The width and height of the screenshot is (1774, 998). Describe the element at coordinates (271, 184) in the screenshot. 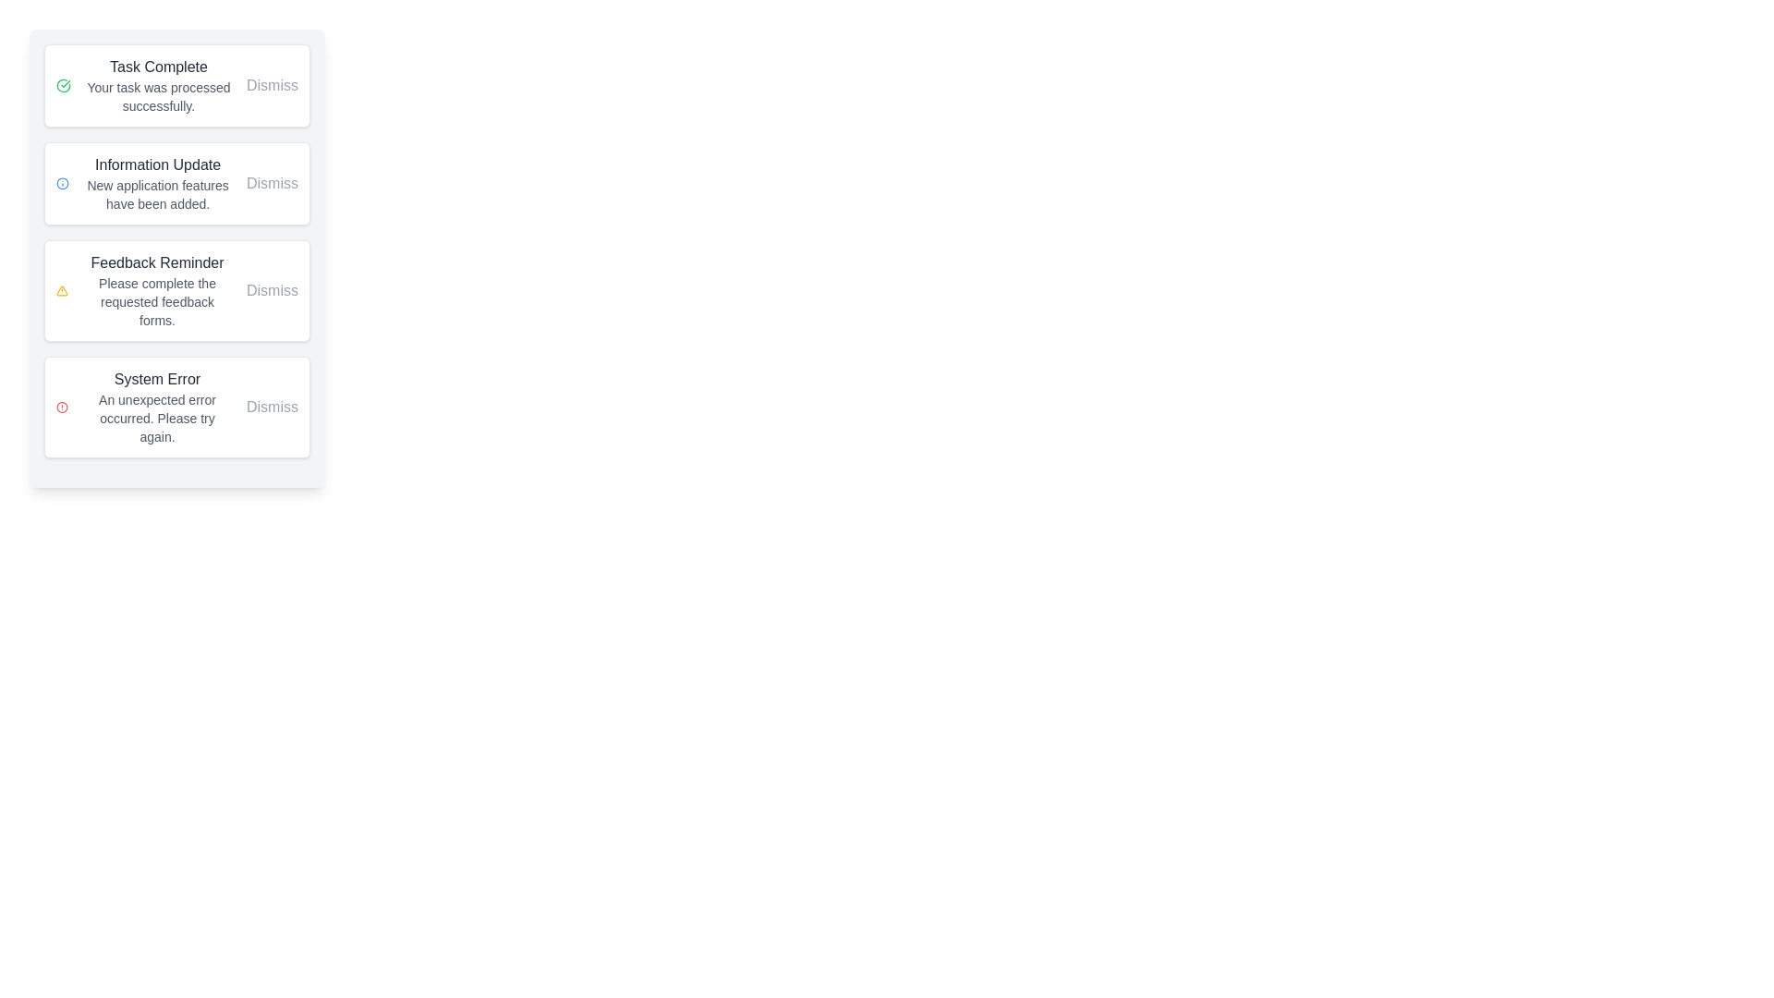

I see `the 'Dismiss' LinkButton, which is a gray text label styled as a clickable link located on the far right side of the second notification block from the top` at that location.